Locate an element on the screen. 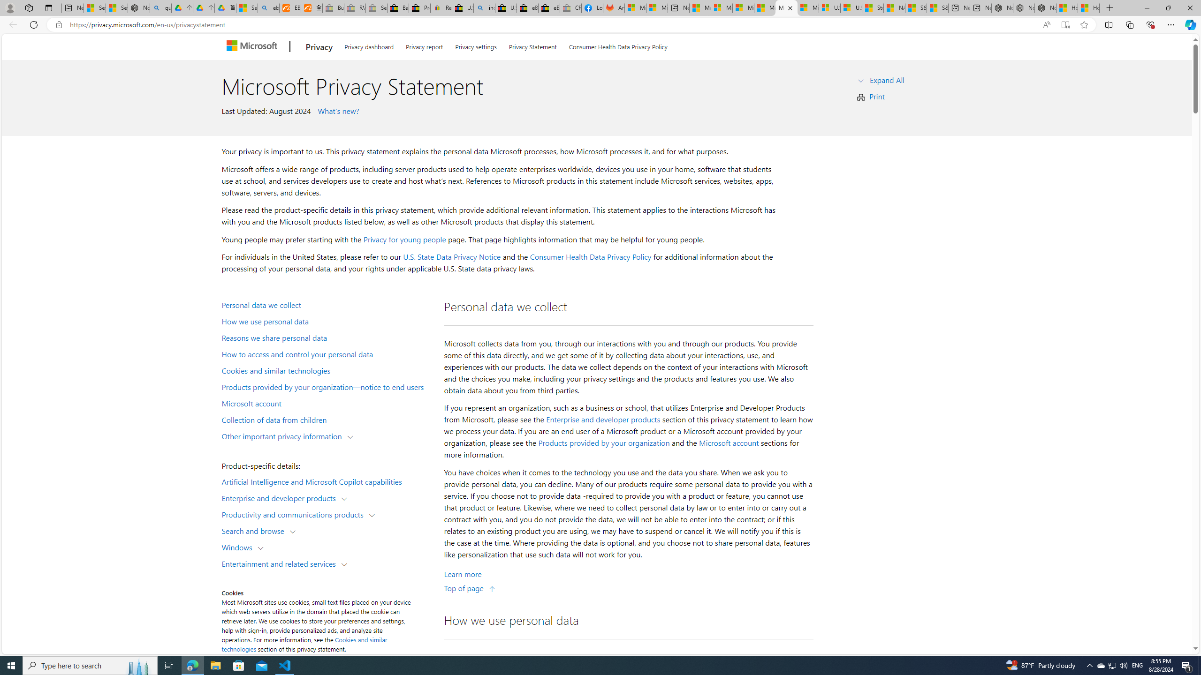  'U.S. State Privacy Disclosures - eBay Inc.' is located at coordinates (506, 7).